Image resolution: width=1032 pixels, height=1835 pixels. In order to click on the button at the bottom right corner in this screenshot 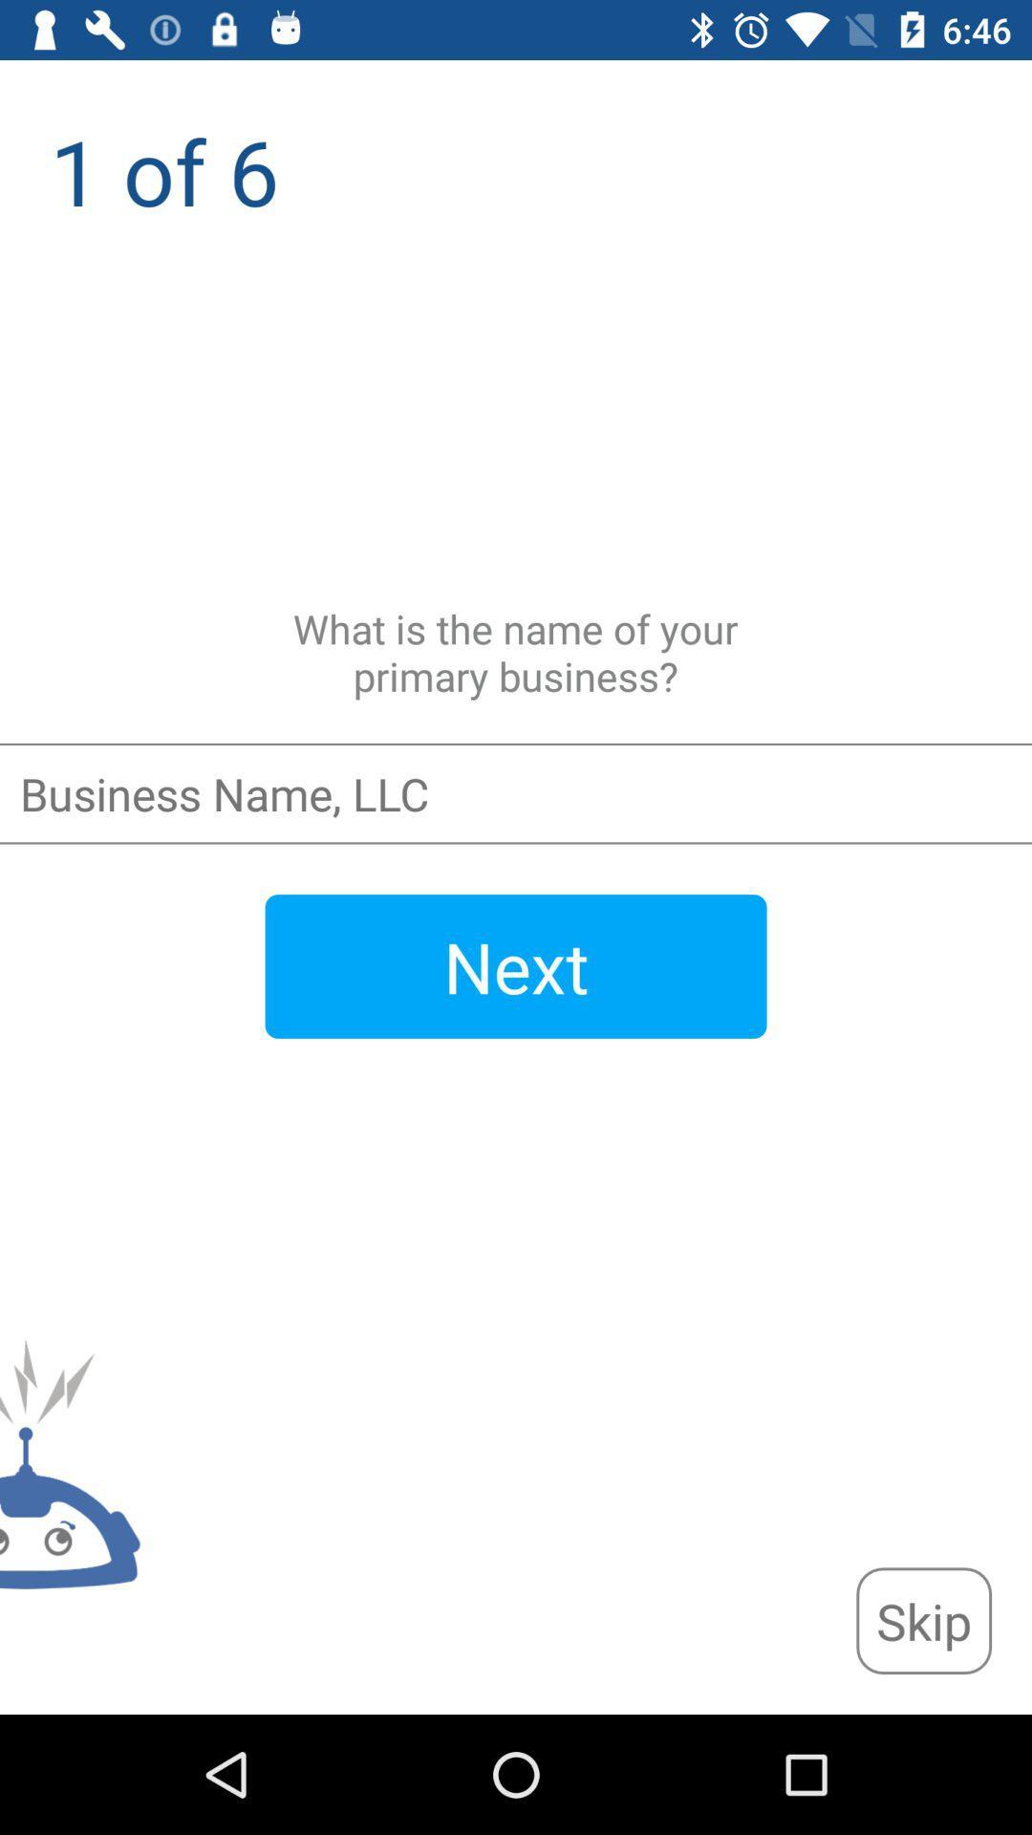, I will do `click(923, 1620)`.